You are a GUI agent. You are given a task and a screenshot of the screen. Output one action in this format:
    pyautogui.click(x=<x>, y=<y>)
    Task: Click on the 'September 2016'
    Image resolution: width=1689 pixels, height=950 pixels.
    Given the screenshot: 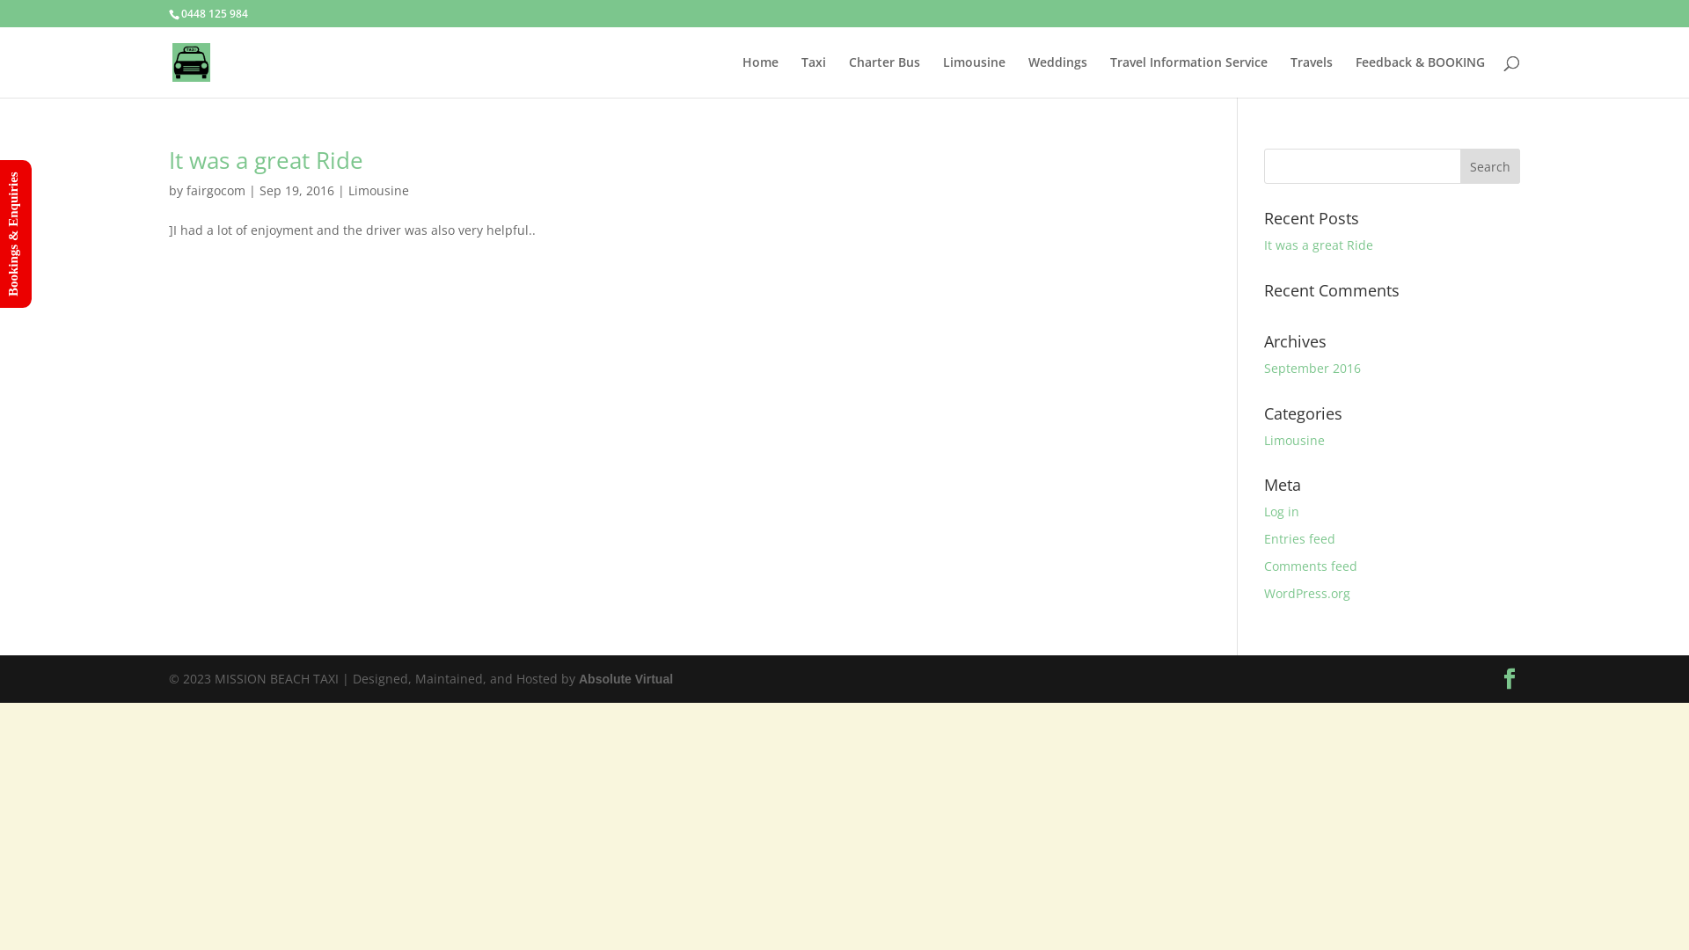 What is the action you would take?
    pyautogui.click(x=1312, y=367)
    